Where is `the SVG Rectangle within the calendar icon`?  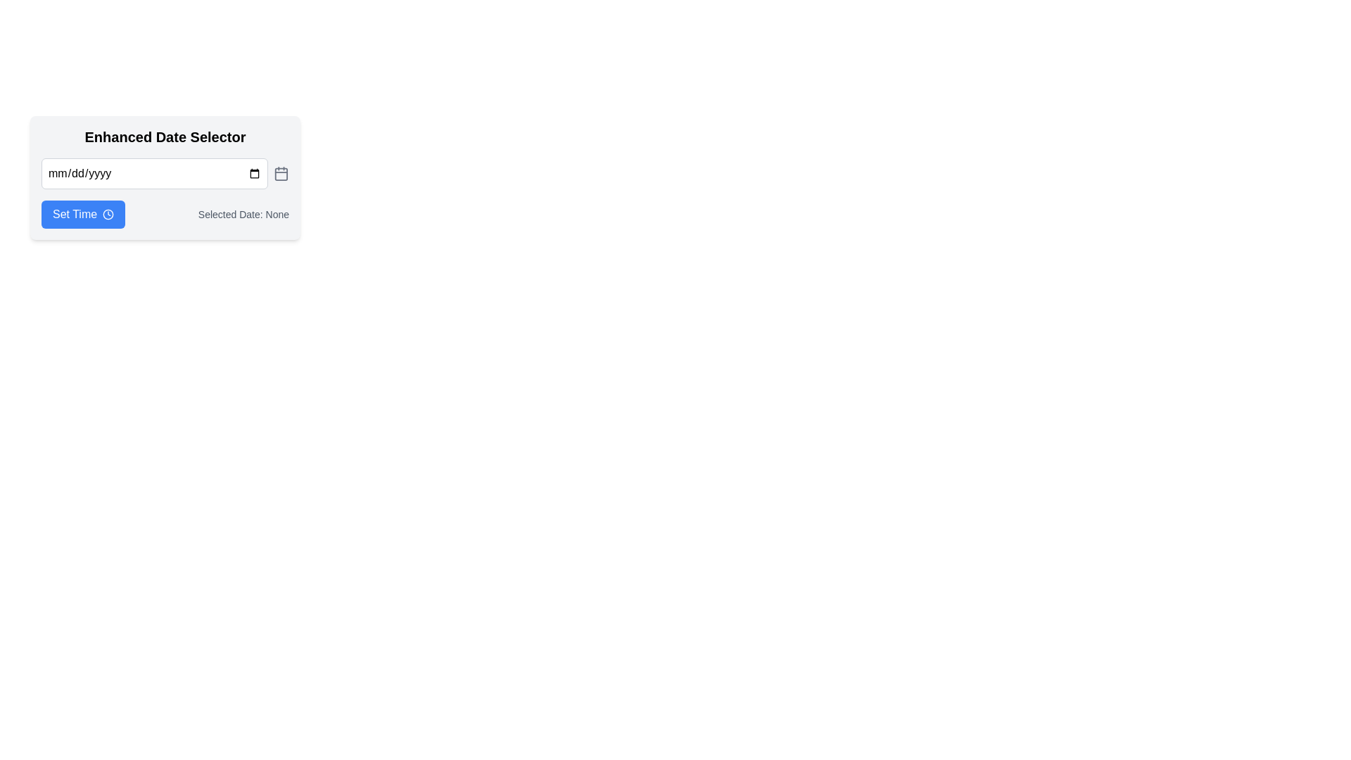
the SVG Rectangle within the calendar icon is located at coordinates (281, 173).